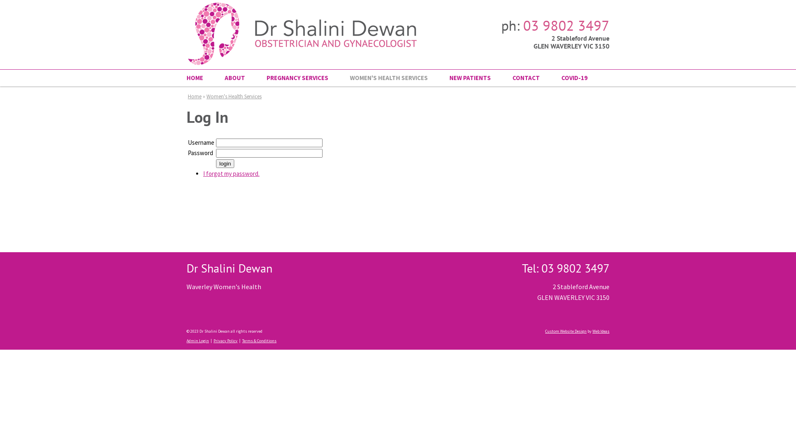  What do you see at coordinates (568, 78) in the screenshot?
I see `'COVID-19'` at bounding box center [568, 78].